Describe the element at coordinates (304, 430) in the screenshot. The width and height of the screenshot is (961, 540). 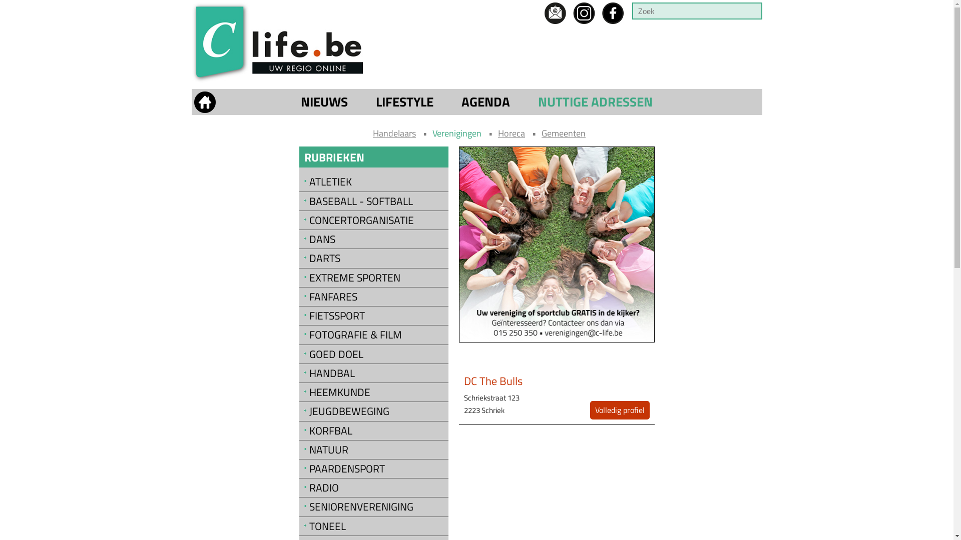
I see `'KORFBAL'` at that location.